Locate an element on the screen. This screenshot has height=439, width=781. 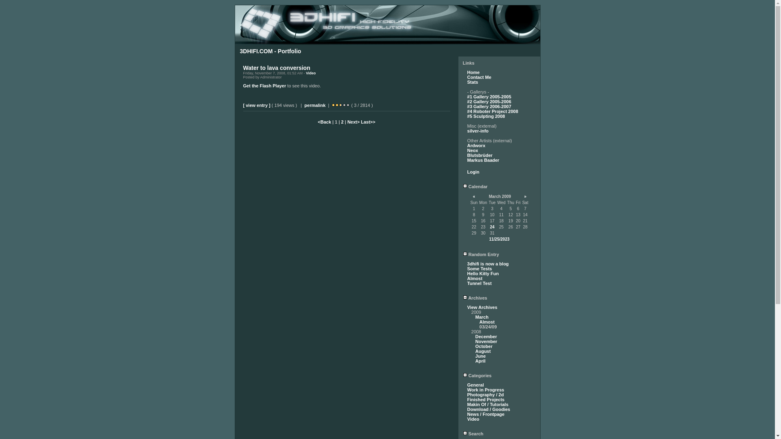
'Calendar' is located at coordinates (475, 187).